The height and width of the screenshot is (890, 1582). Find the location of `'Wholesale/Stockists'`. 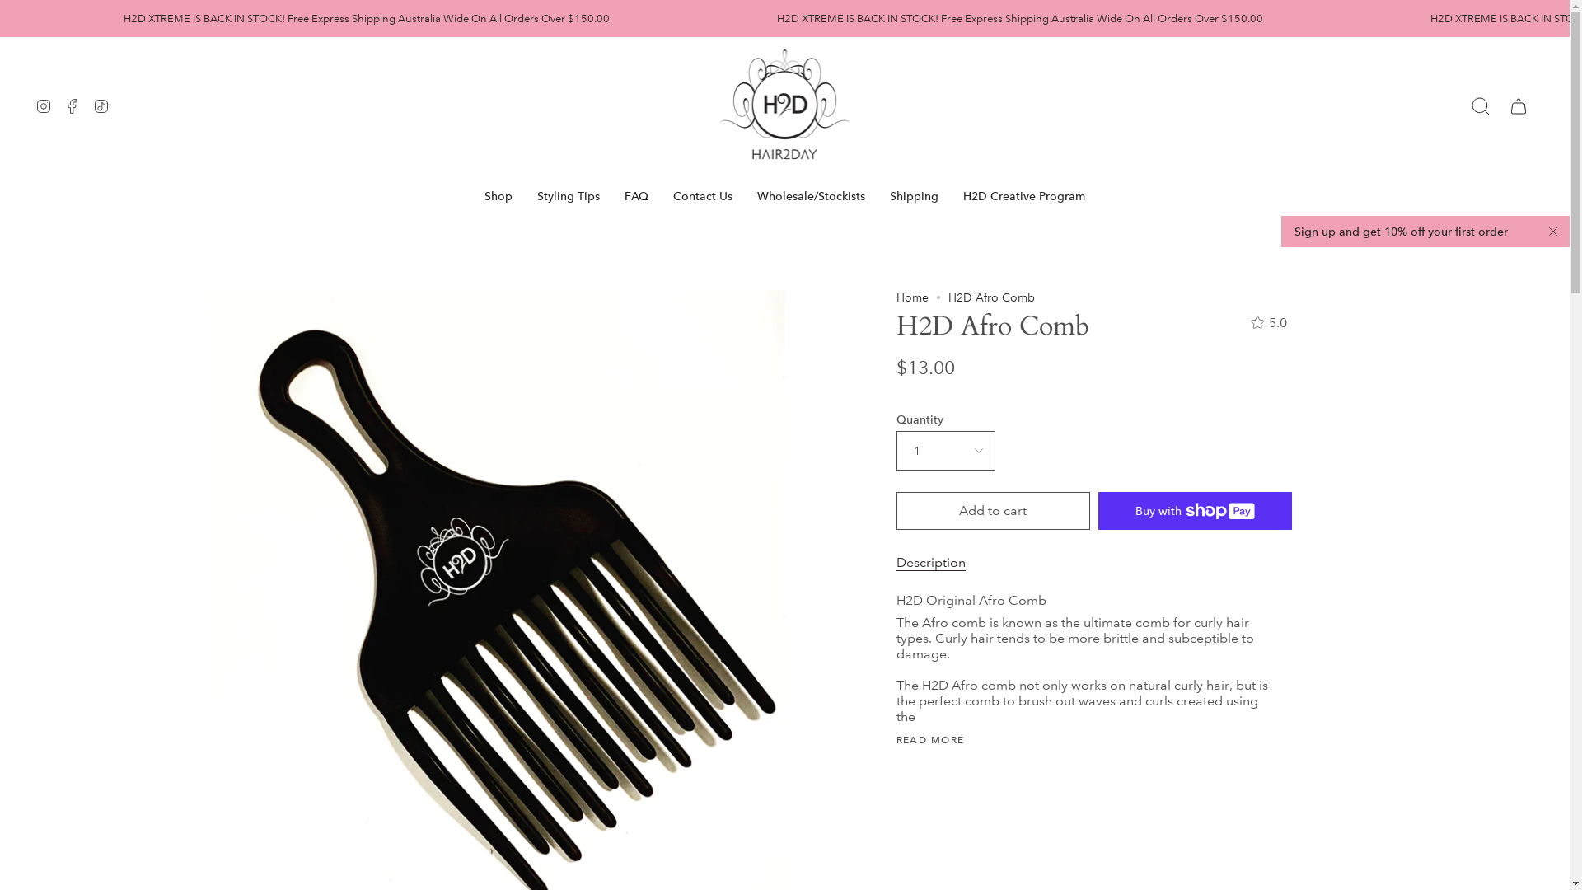

'Wholesale/Stockists' is located at coordinates (811, 195).